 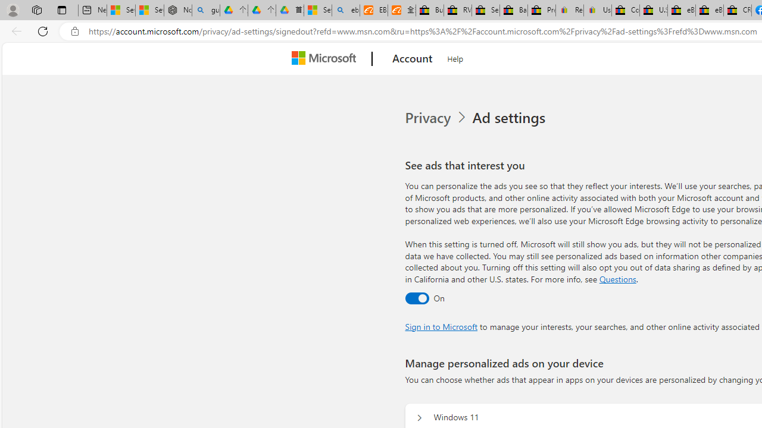 What do you see at coordinates (709, 10) in the screenshot?
I see `'eBay Inc. Reports Third Quarter 2023 Results'` at bounding box center [709, 10].